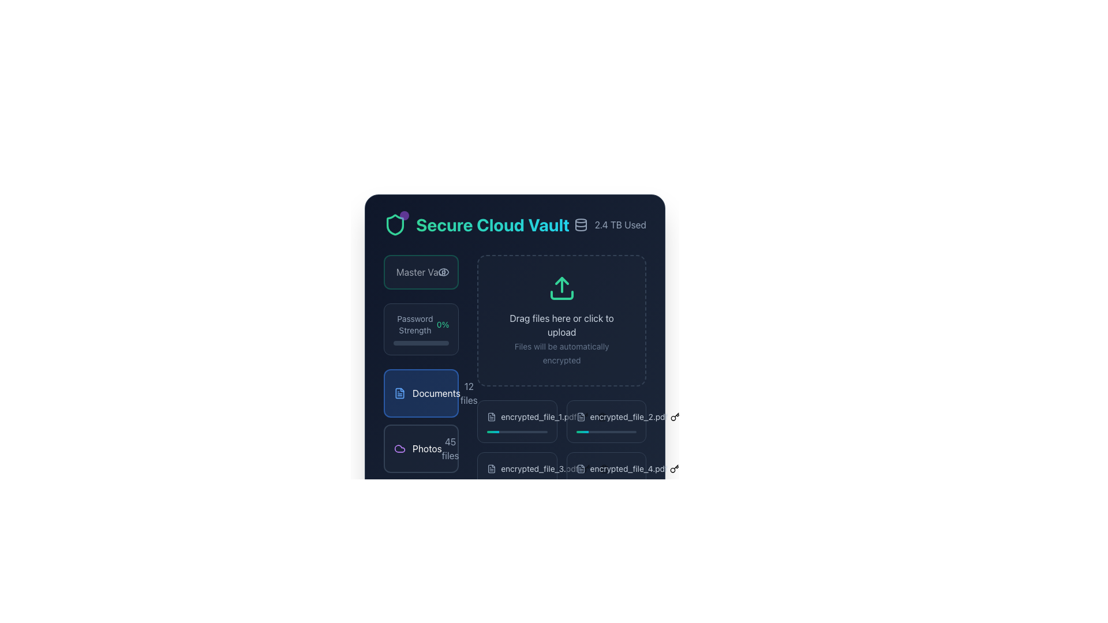 Image resolution: width=1108 pixels, height=623 pixels. What do you see at coordinates (395, 224) in the screenshot?
I see `the shield icon with a green outline and a purple dot, which is part of the 'Secure Cloud Vault' header located in the top-left region of the interface` at bounding box center [395, 224].